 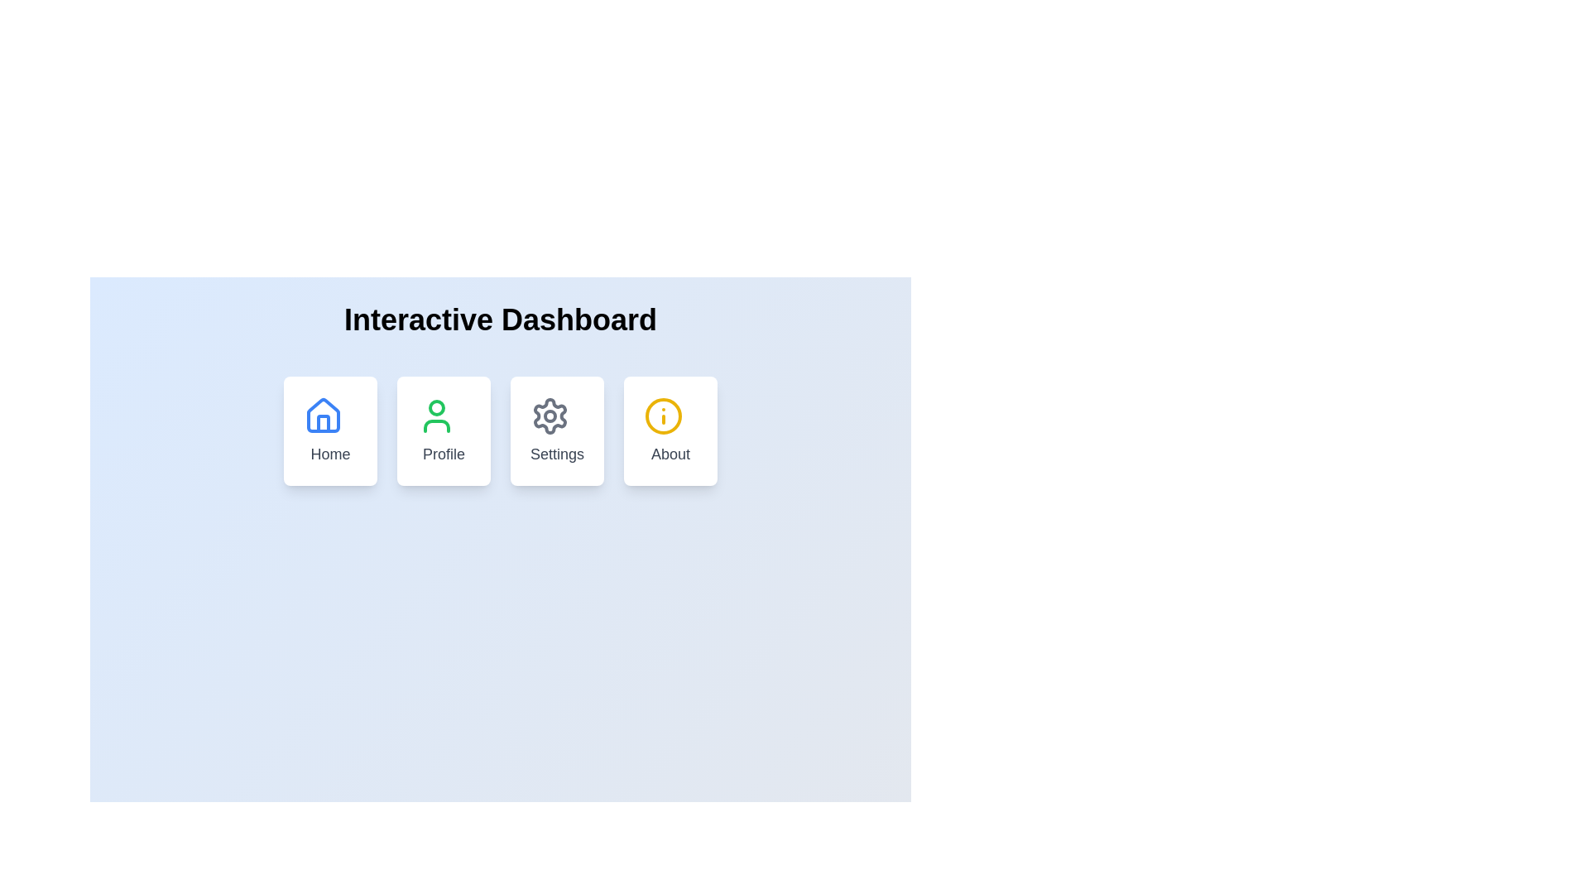 What do you see at coordinates (323, 423) in the screenshot?
I see `the door element of the home icon, which is a part of the SVG graphic representing the house in the dashboard interface` at bounding box center [323, 423].